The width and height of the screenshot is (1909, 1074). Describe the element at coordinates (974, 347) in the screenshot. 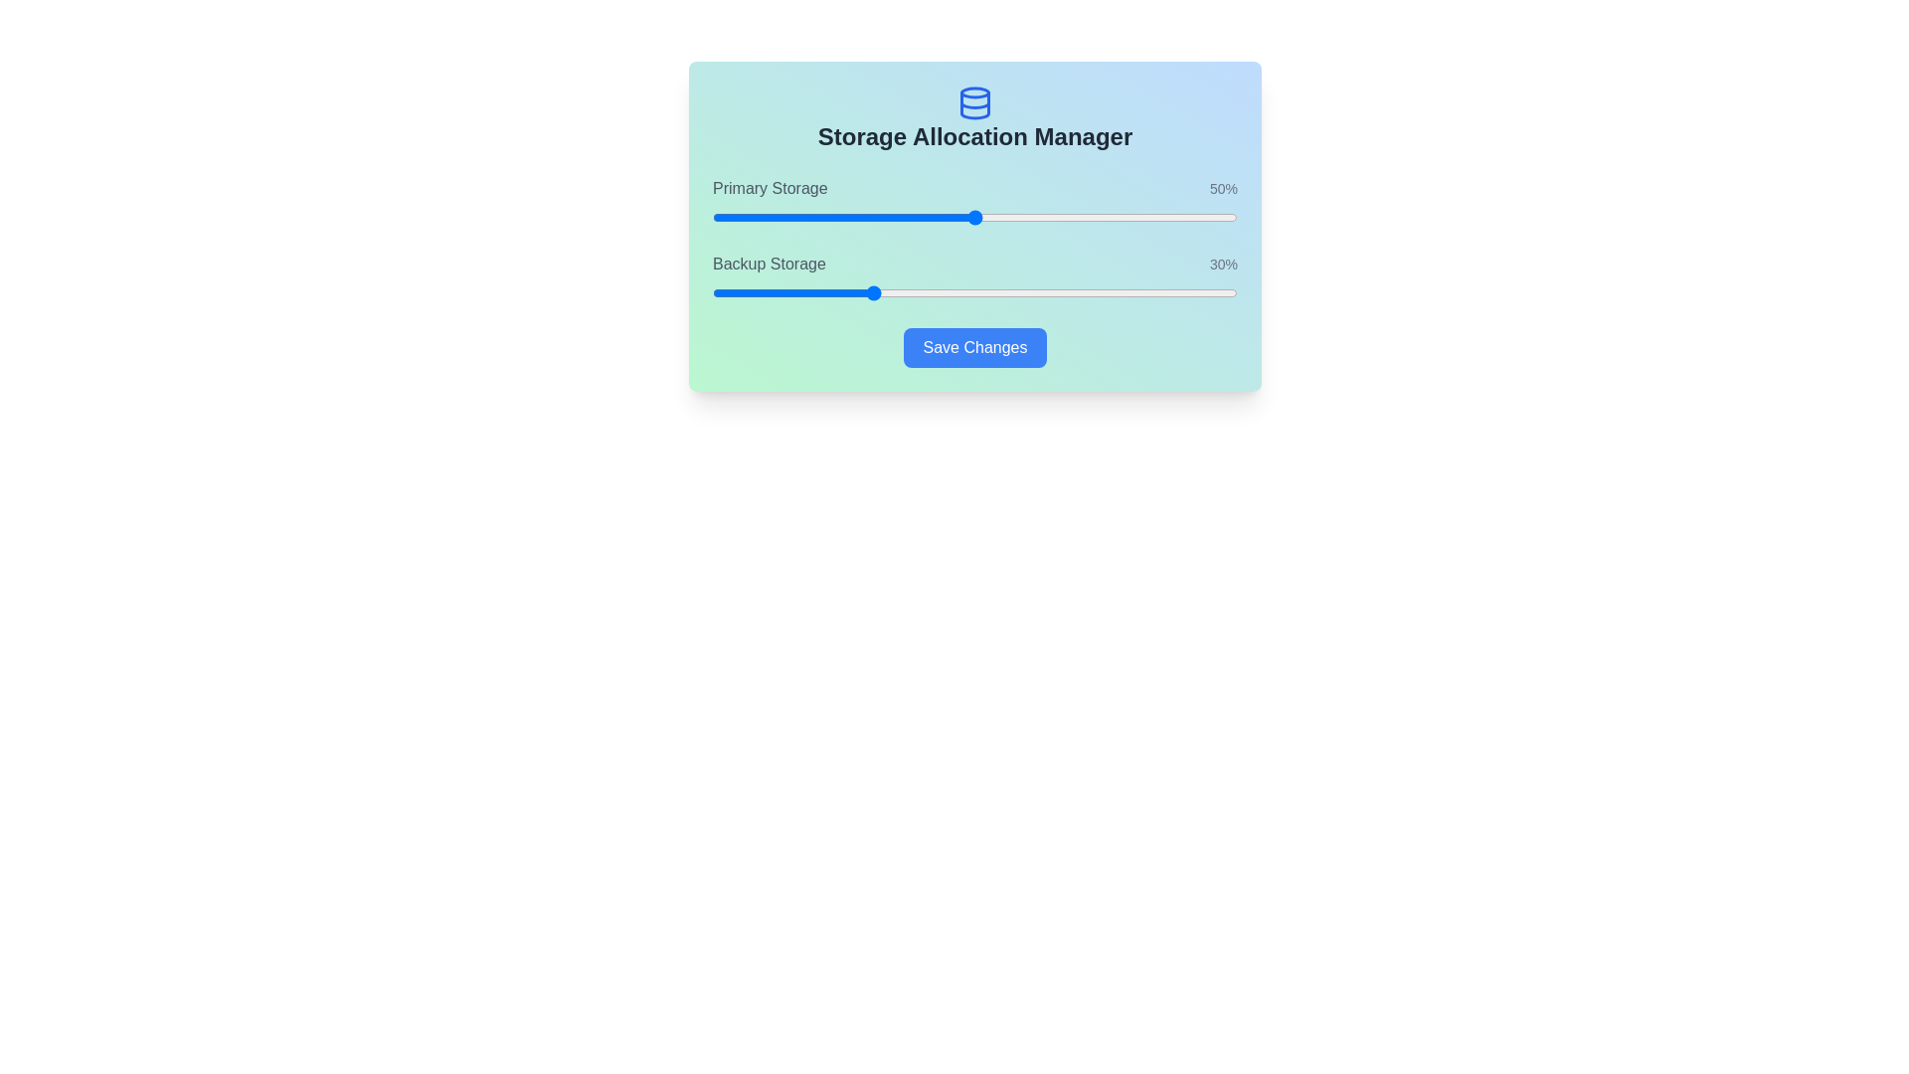

I see `the 'Save Changes' button to submit the current settings` at that location.